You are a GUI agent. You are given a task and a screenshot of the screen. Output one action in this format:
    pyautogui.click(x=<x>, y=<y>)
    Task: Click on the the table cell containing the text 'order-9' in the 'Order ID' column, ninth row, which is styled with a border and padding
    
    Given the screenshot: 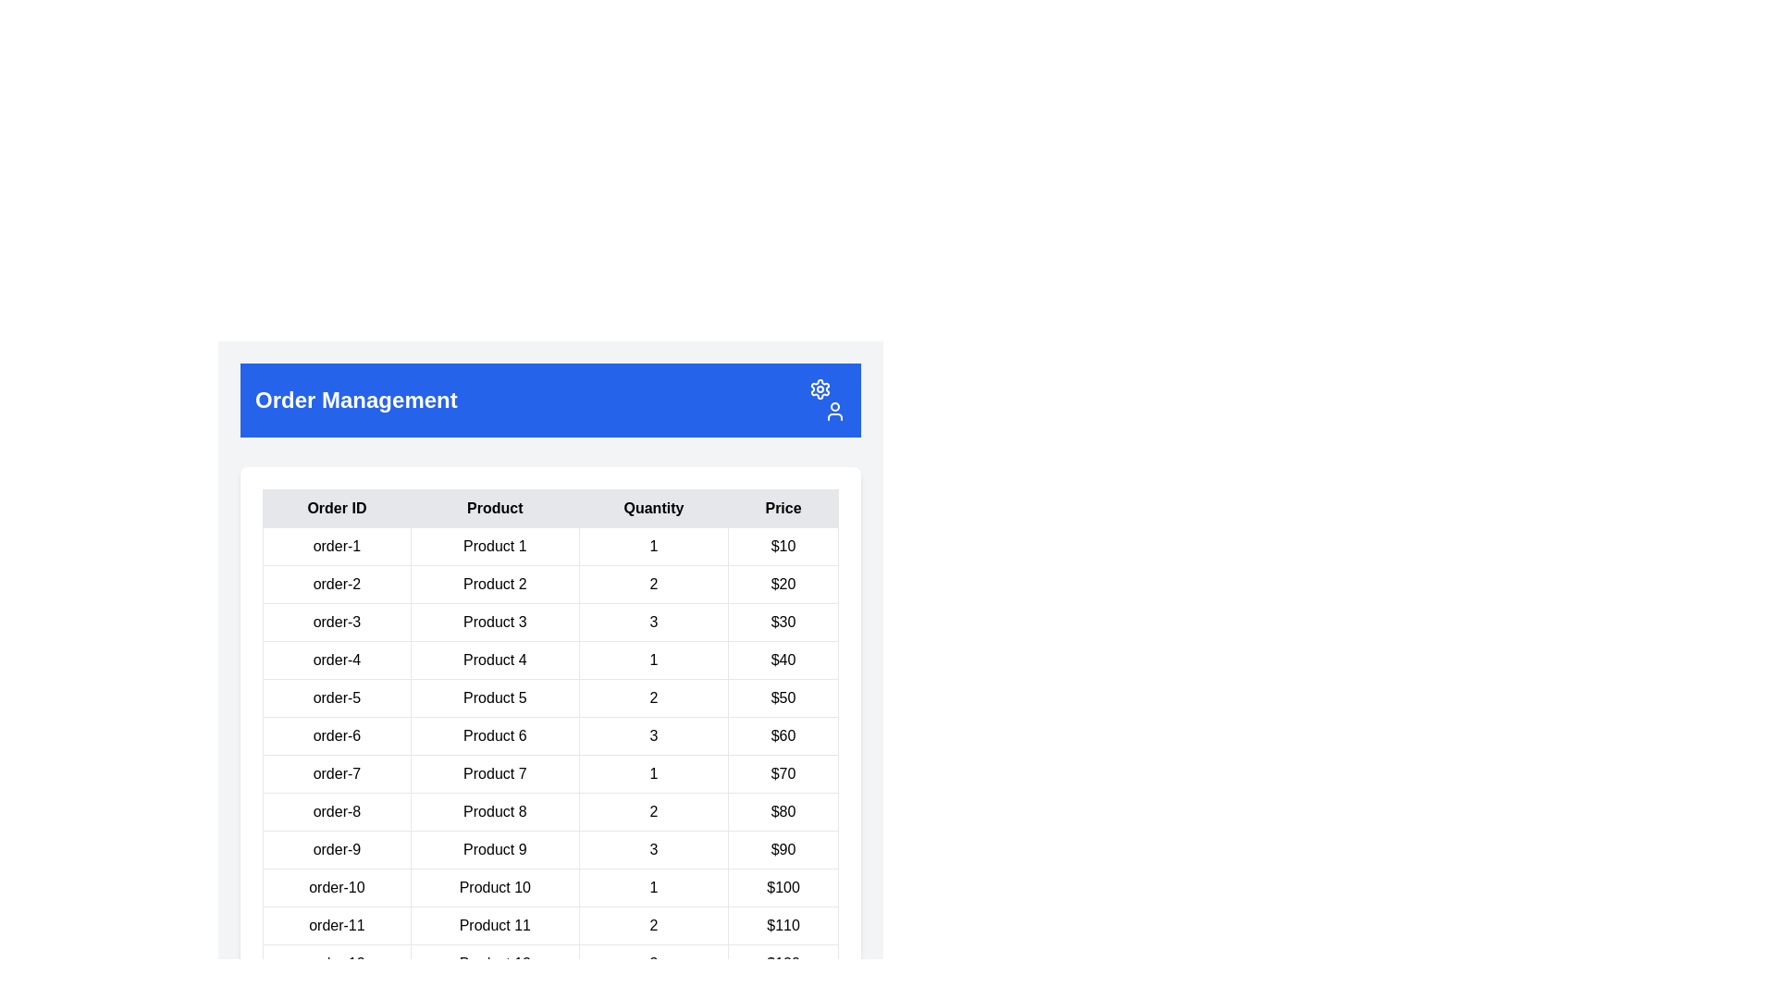 What is the action you would take?
    pyautogui.click(x=337, y=849)
    